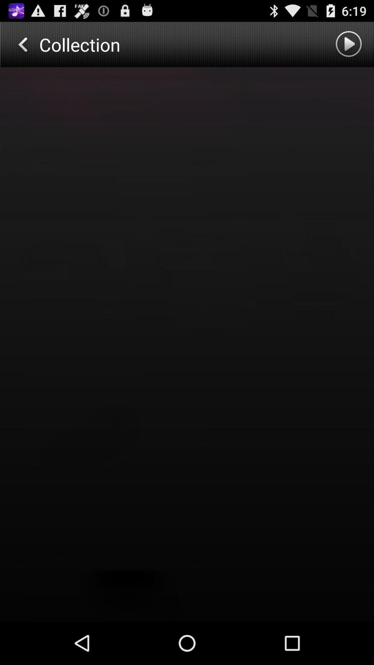 The width and height of the screenshot is (374, 665). What do you see at coordinates (22, 44) in the screenshot?
I see `previous page` at bounding box center [22, 44].